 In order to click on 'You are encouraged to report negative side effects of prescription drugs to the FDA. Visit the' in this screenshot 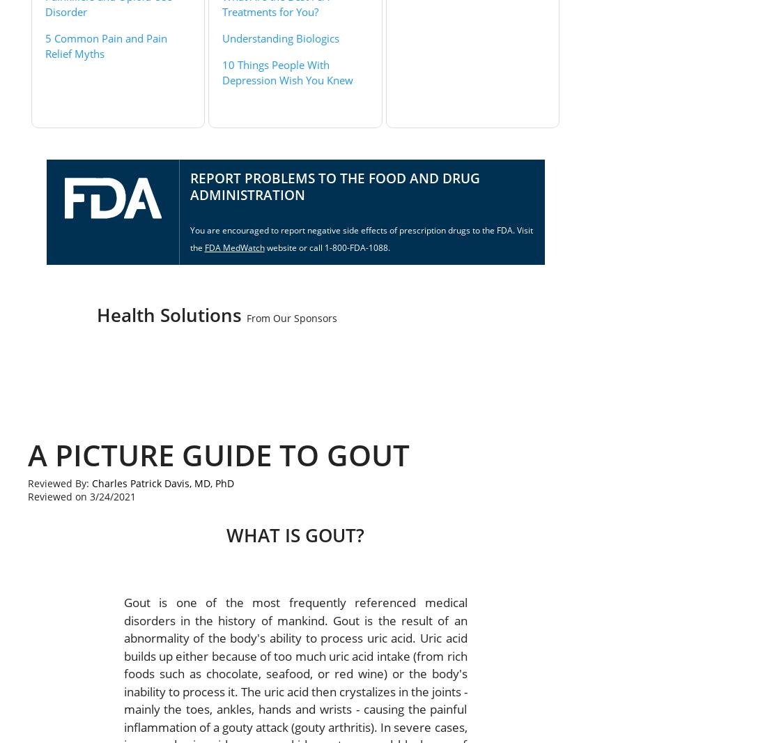, I will do `click(190, 238)`.